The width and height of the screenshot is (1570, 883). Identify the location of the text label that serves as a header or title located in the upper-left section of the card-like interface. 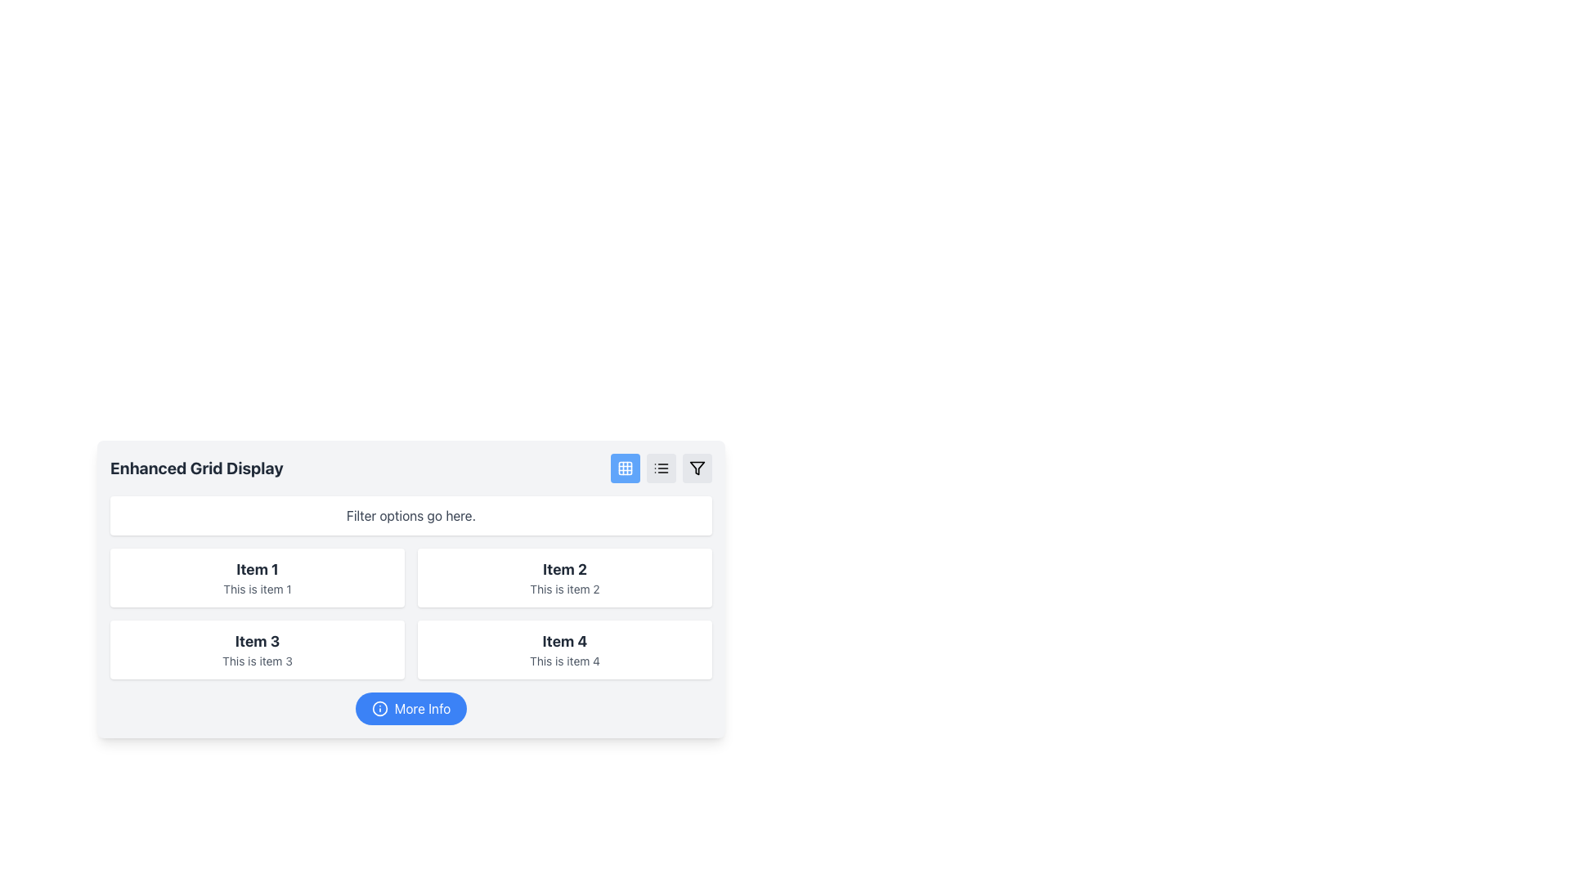
(196, 468).